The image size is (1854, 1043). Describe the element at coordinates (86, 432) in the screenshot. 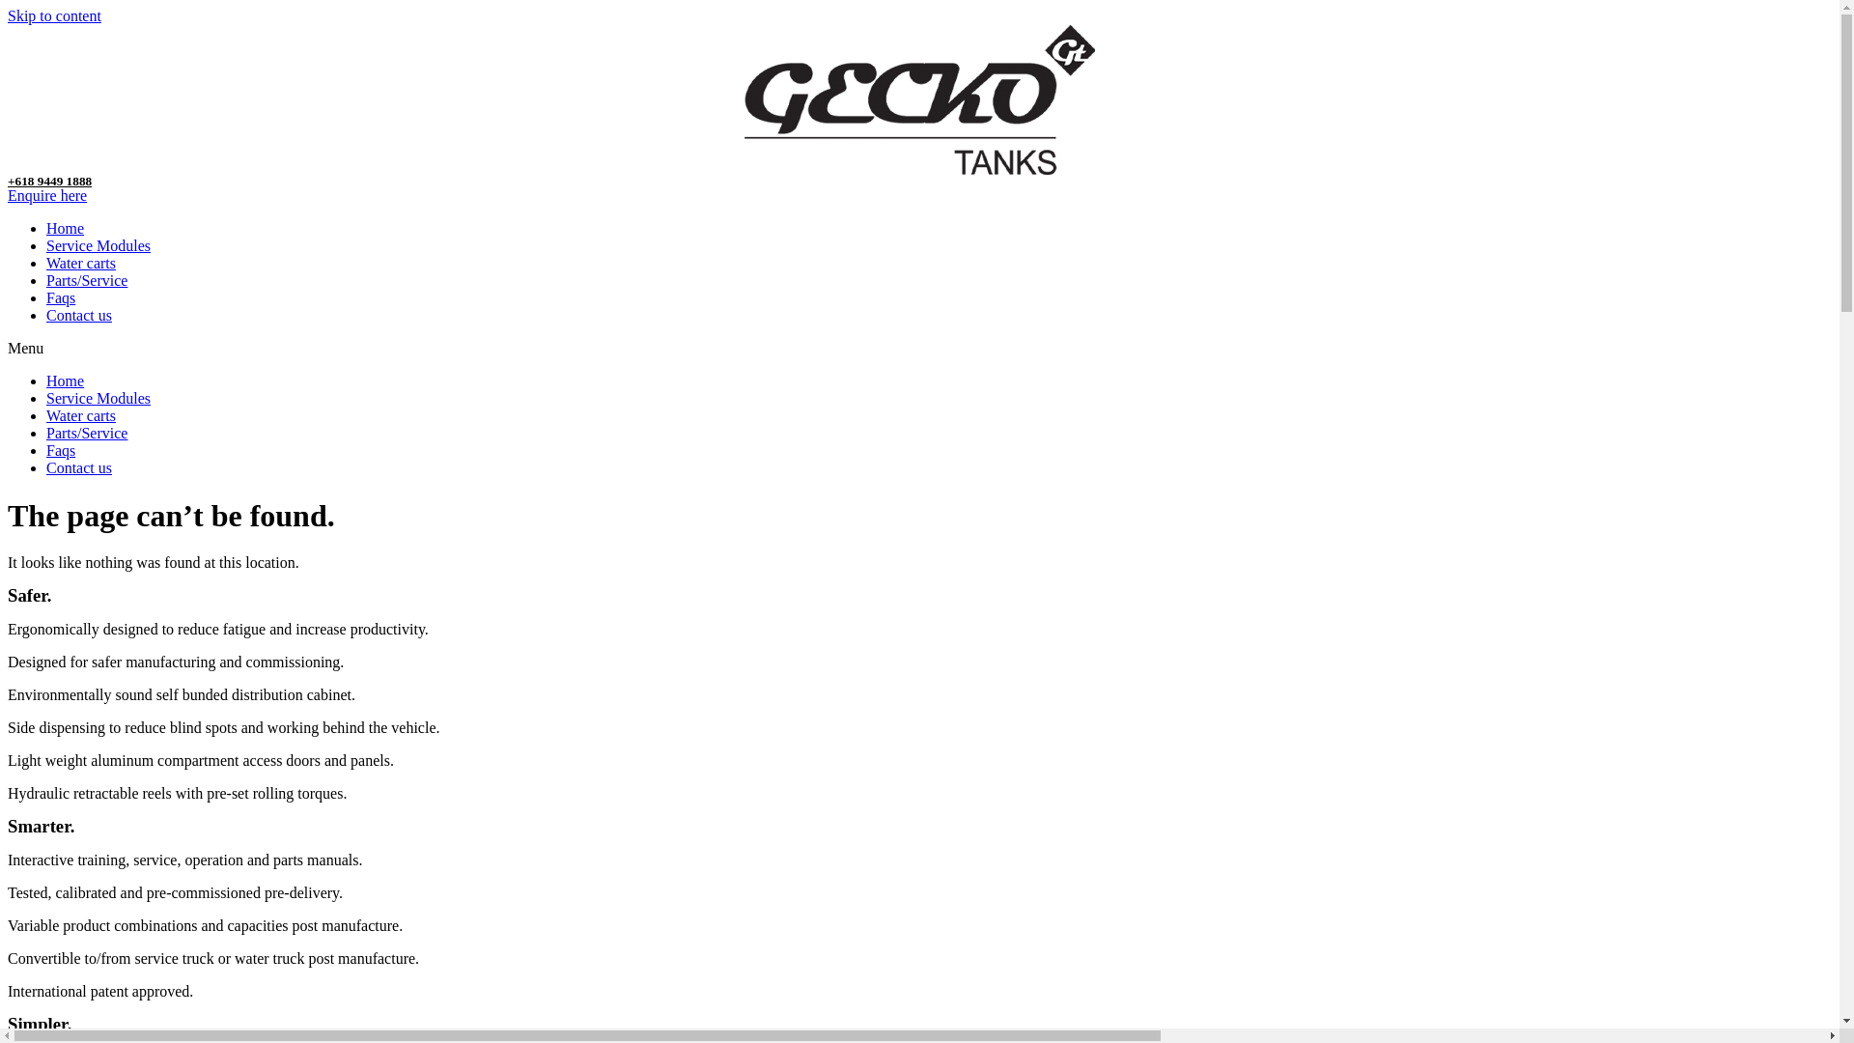

I see `'Parts/Service'` at that location.